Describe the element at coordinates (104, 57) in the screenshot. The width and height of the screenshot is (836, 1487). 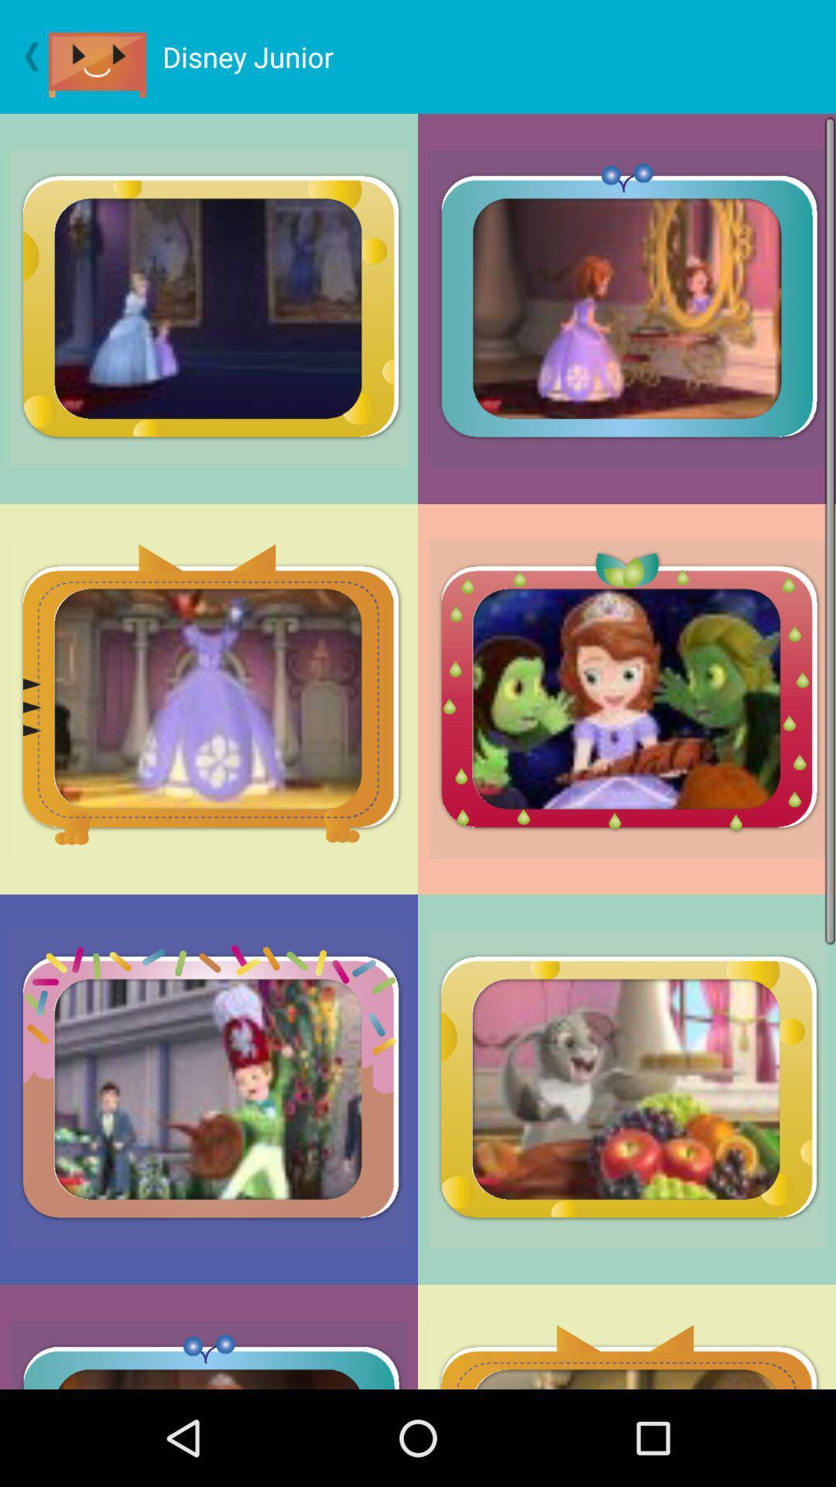
I see `video` at that location.